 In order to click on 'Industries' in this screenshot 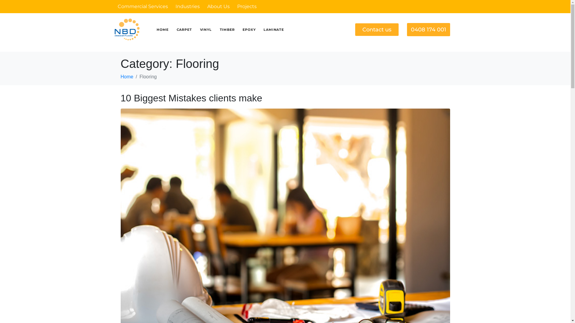, I will do `click(187, 6)`.